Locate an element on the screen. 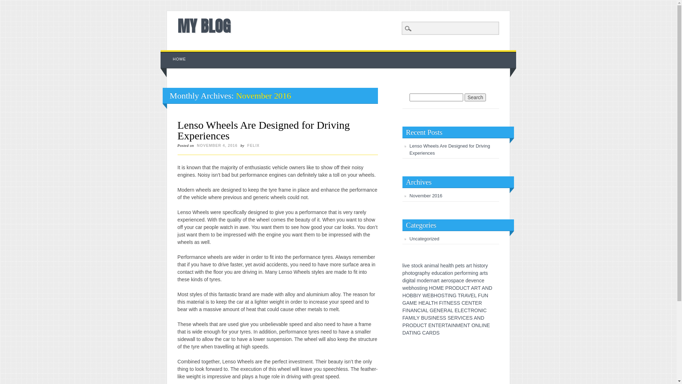  'November 2016' is located at coordinates (426, 196).